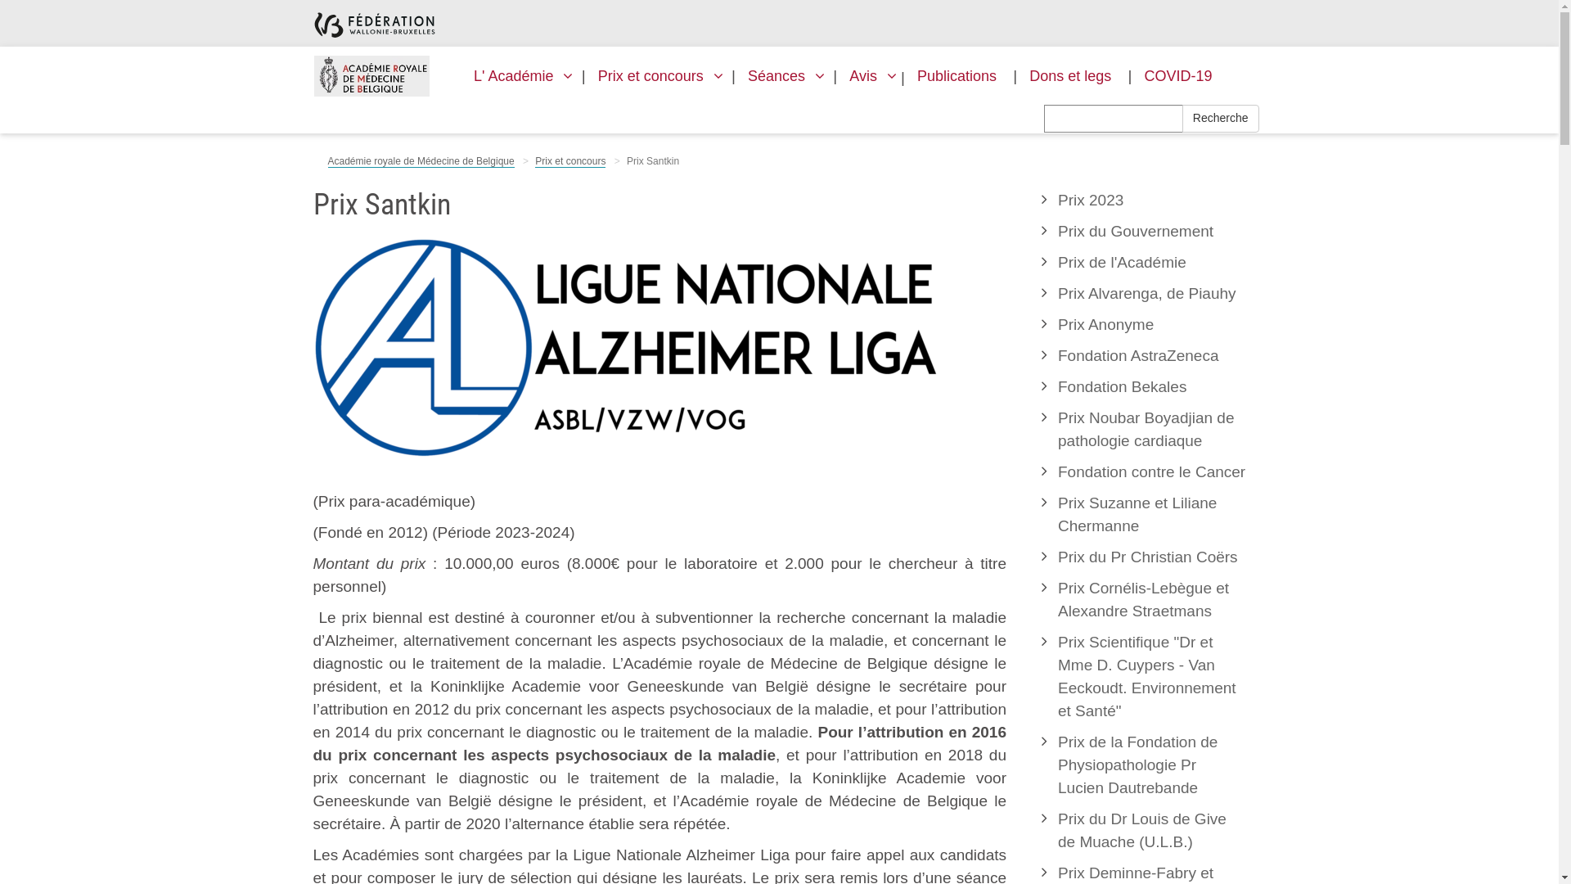 This screenshot has height=884, width=1571. I want to click on 'Avis', so click(867, 75).